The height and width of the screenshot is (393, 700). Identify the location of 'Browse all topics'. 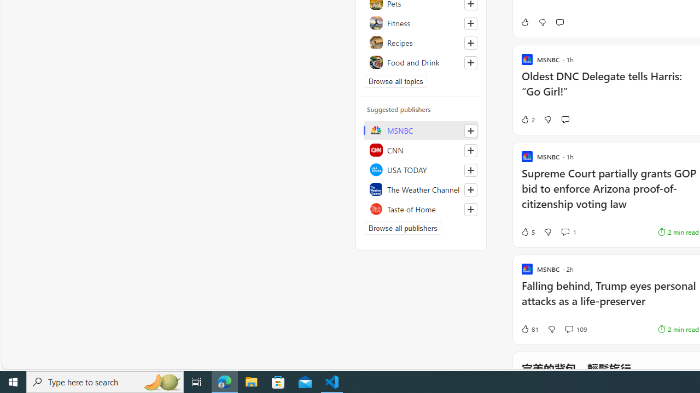
(395, 81).